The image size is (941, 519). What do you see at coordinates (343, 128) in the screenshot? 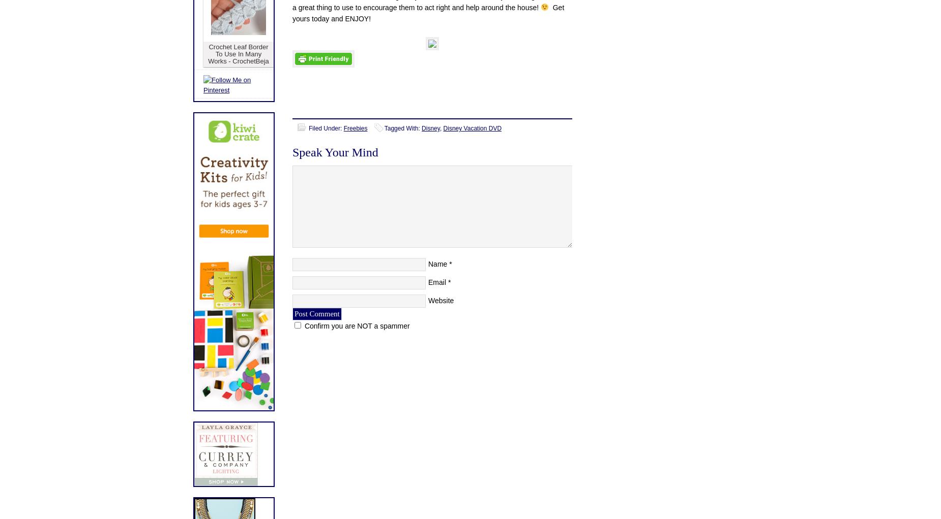
I see `'Freebies'` at bounding box center [343, 128].